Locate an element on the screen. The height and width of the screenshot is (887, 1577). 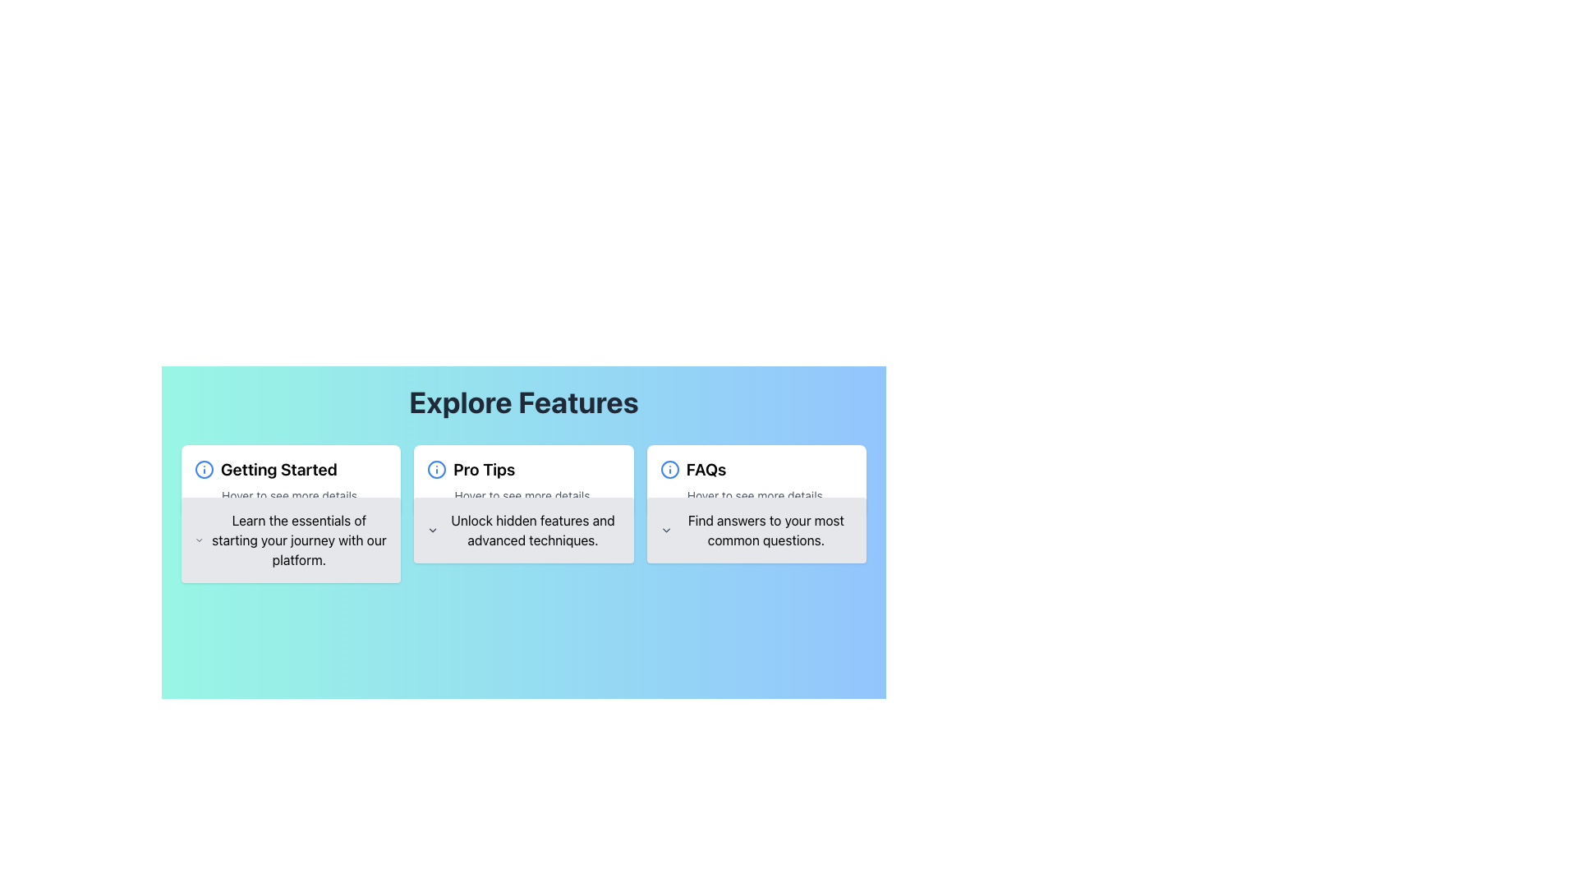
the text label providing additional information related to the 'FAQs' section, located below the title 'FAQs' and the blue information icon in the third column of the layout is located at coordinates (756, 495).